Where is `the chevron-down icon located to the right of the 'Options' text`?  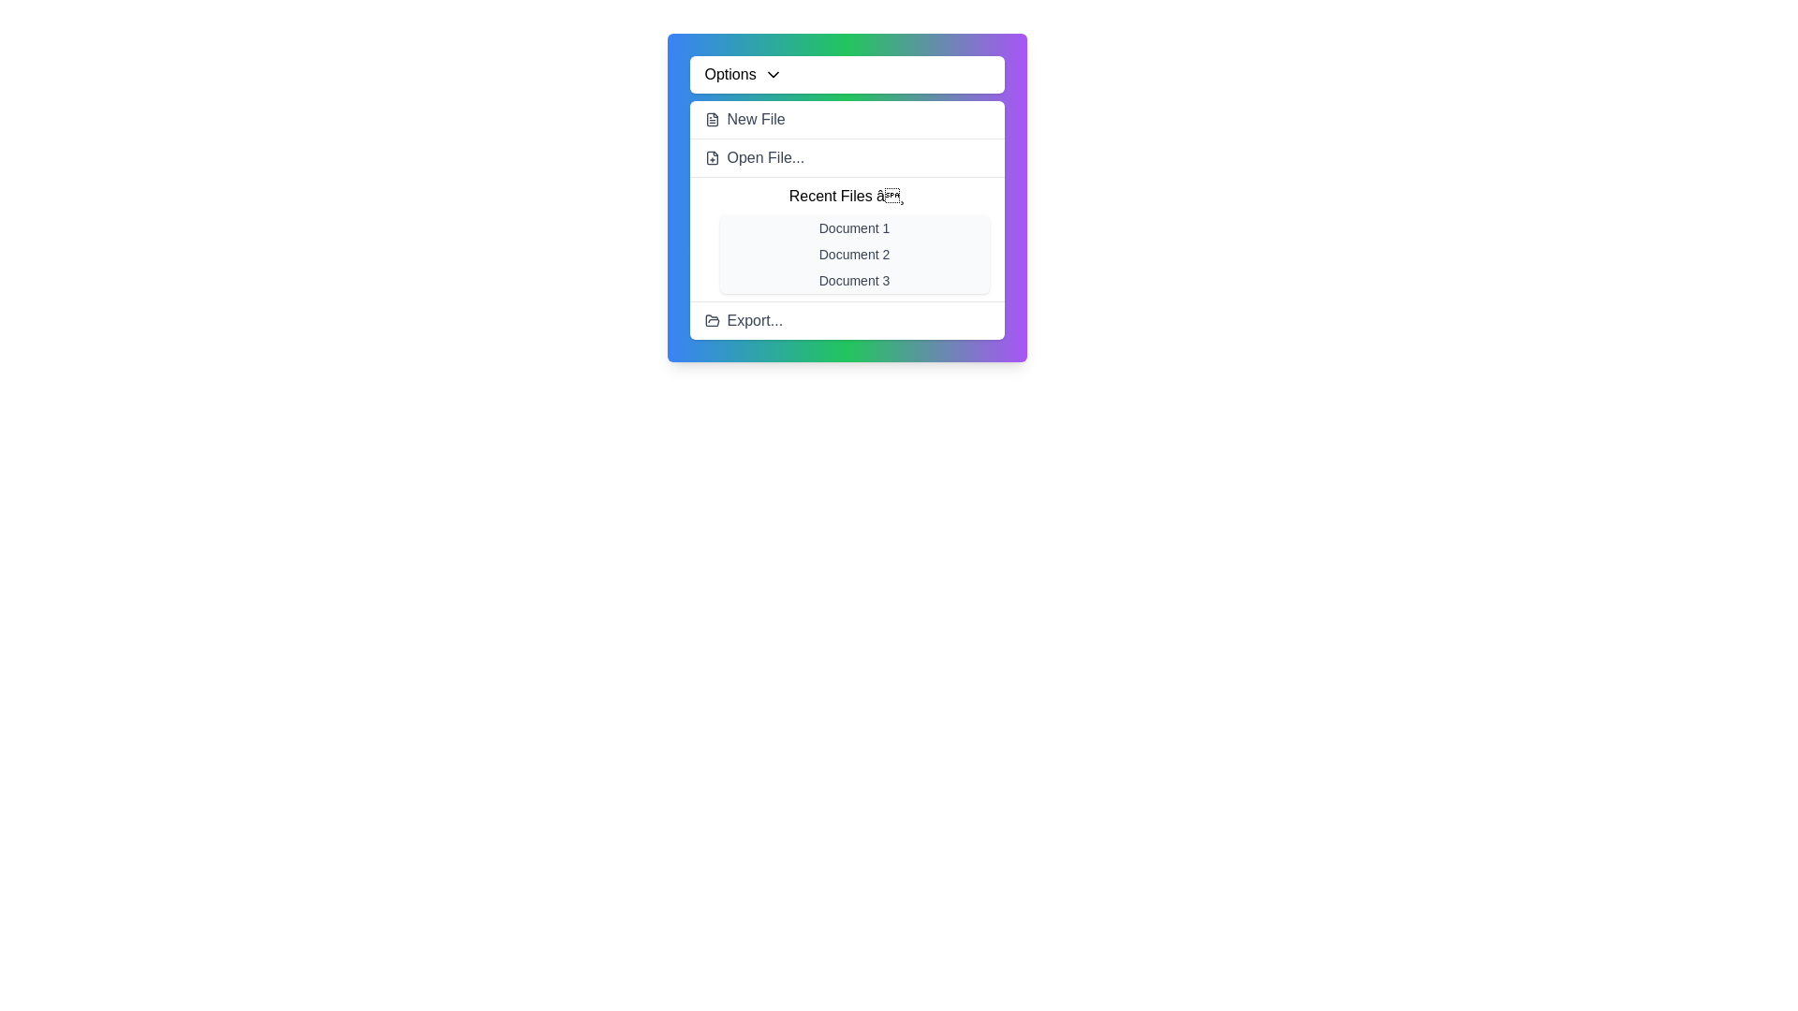
the chevron-down icon located to the right of the 'Options' text is located at coordinates (773, 74).